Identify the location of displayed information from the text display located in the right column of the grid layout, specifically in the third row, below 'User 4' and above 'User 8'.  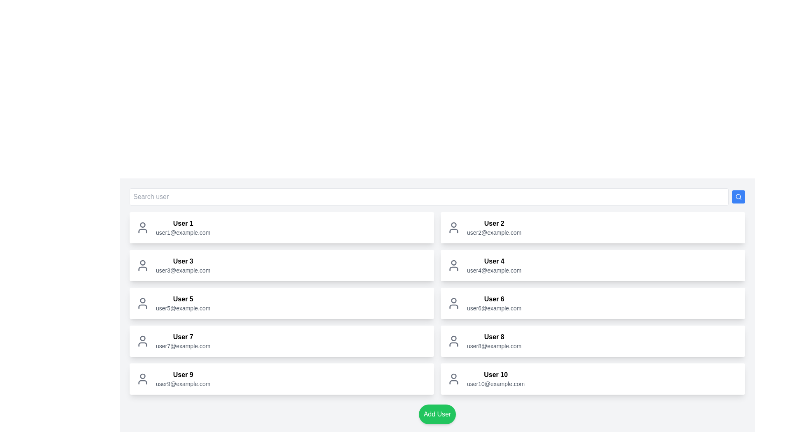
(494, 303).